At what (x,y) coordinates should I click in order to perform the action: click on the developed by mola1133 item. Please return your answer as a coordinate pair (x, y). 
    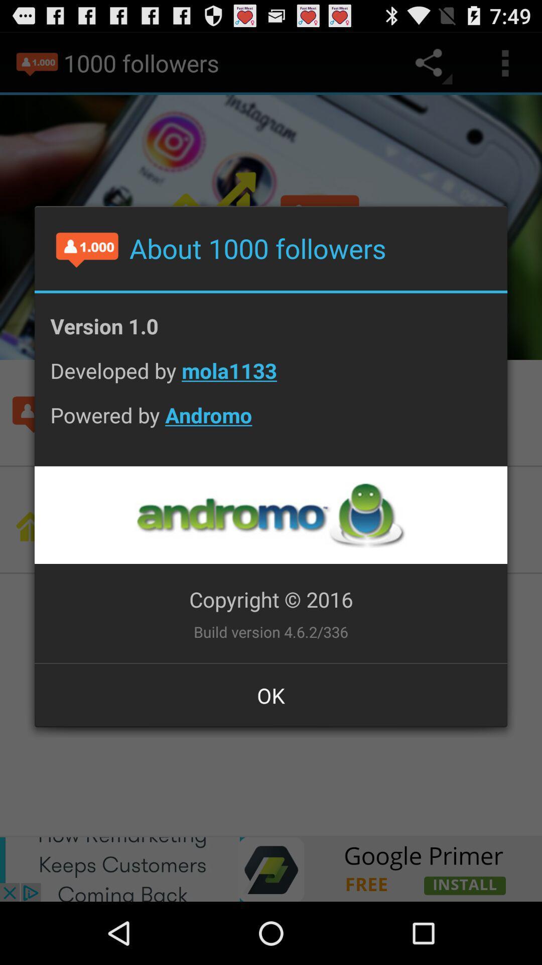
    Looking at the image, I should click on (271, 378).